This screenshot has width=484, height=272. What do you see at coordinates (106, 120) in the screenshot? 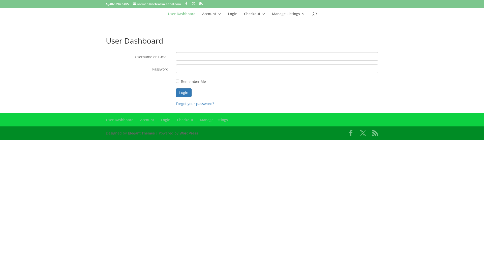
I see `'User Dashboard'` at bounding box center [106, 120].